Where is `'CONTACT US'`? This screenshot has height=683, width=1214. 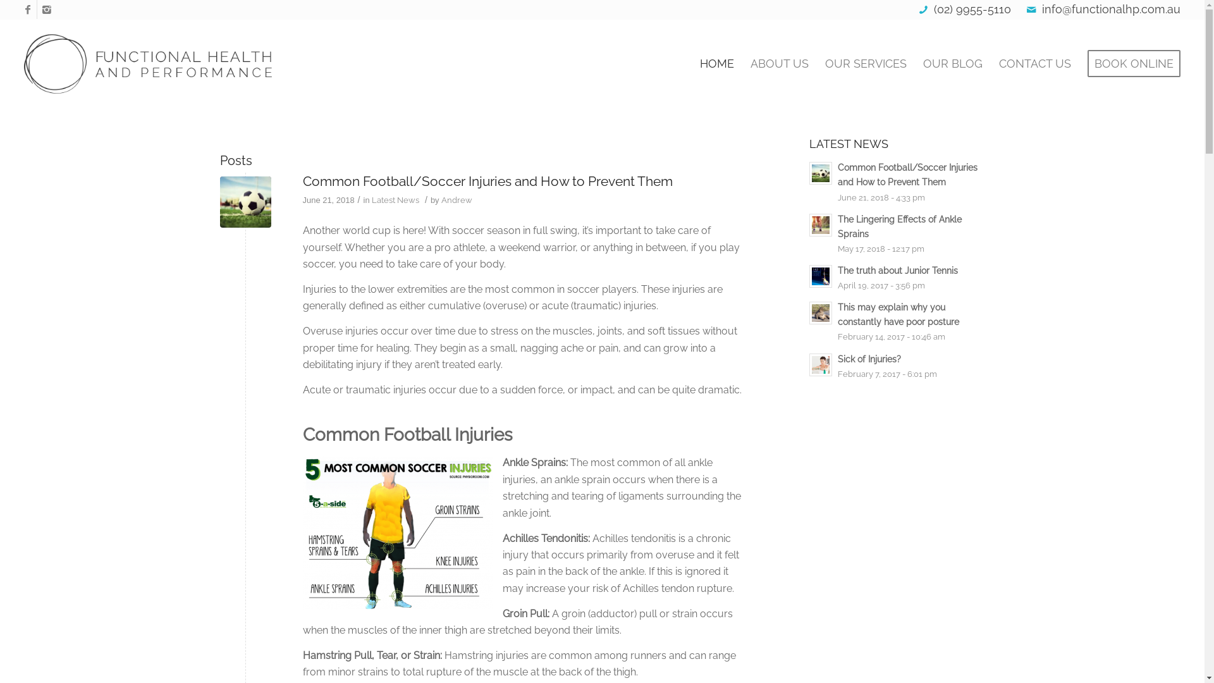 'CONTACT US' is located at coordinates (1034, 63).